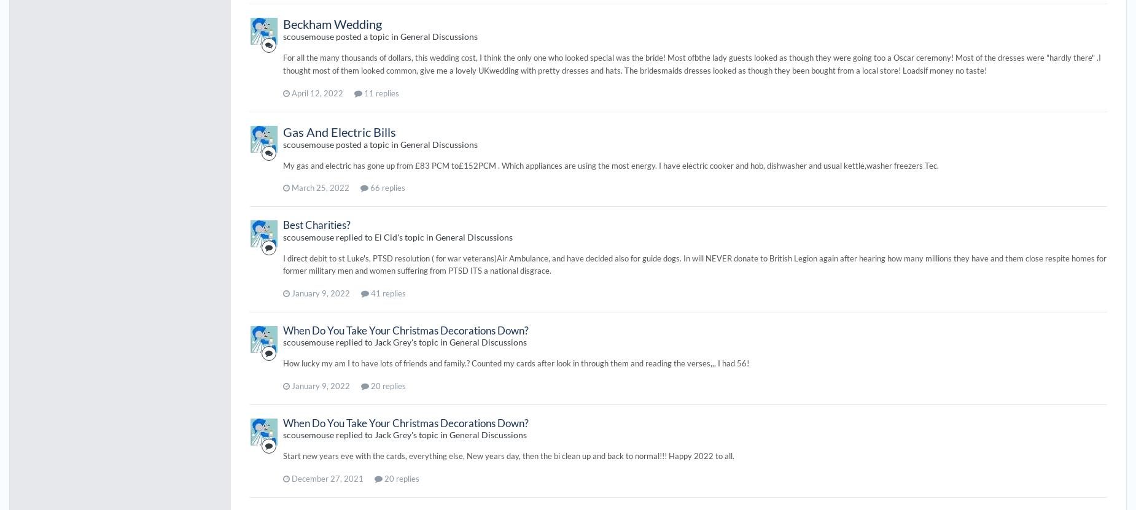 The width and height of the screenshot is (1136, 510). Describe the element at coordinates (691, 64) in the screenshot. I see `'For all the many thousands of dollars,  this wedding cost, I think the only one who looked special was the bride!  Most ofbthe lady guests looked as though they were going too a Oscar ceremony!  Most of the dresses were "hardly there" .I thought most of them looked common, give me a lovely UKwedding with pretty  dresses and hats.  The bridesmaids dresses looked as though they been bought from a local store!  Loadsif money no taste!'` at that location.